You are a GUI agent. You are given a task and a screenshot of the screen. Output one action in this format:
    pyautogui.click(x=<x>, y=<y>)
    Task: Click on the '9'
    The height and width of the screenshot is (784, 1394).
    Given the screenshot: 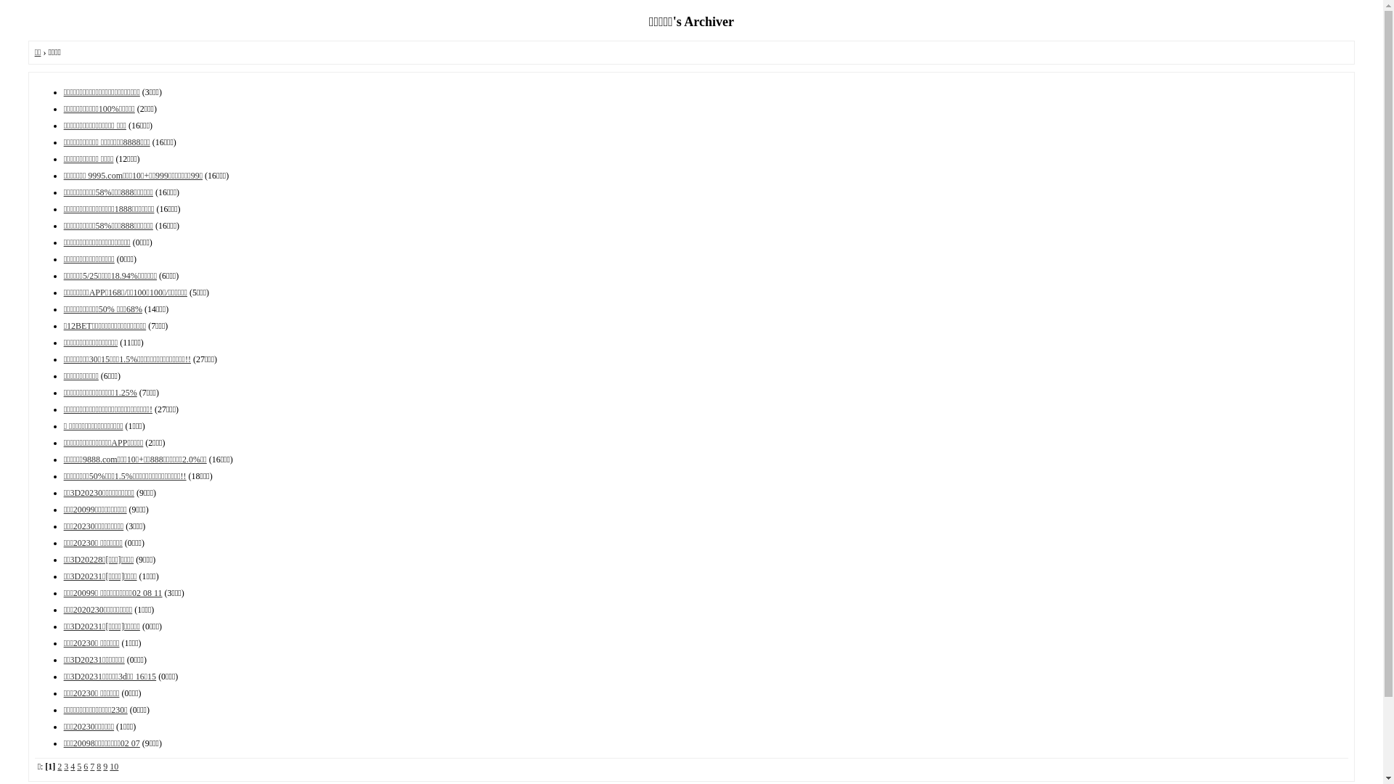 What is the action you would take?
    pyautogui.click(x=104, y=766)
    